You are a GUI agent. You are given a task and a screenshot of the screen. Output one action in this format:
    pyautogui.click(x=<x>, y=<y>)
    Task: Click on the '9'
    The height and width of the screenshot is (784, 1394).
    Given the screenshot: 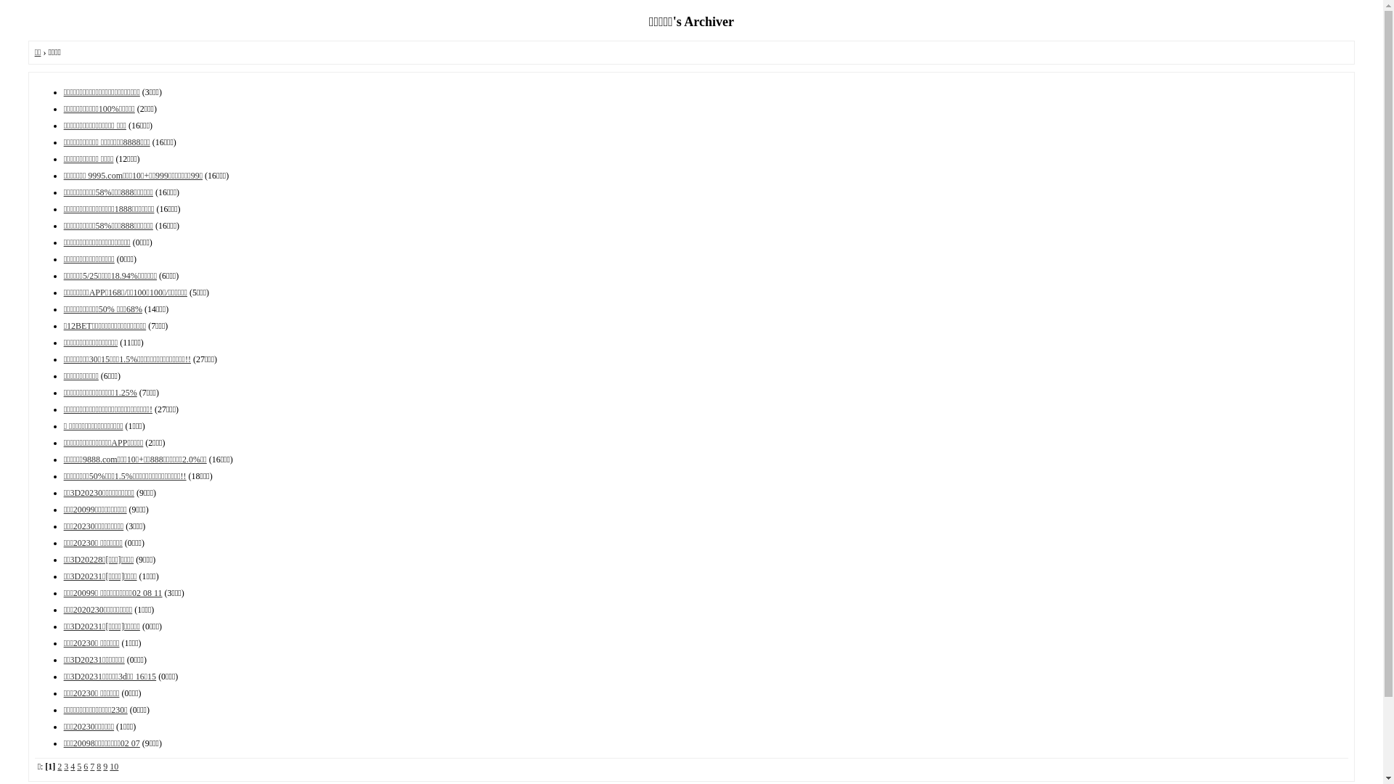 What is the action you would take?
    pyautogui.click(x=104, y=766)
    